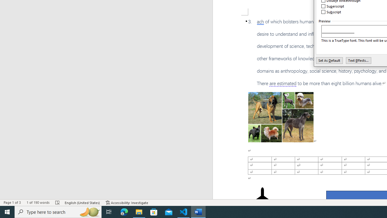  Describe the element at coordinates (198, 211) in the screenshot. I see `'Word - 1 running window'` at that location.